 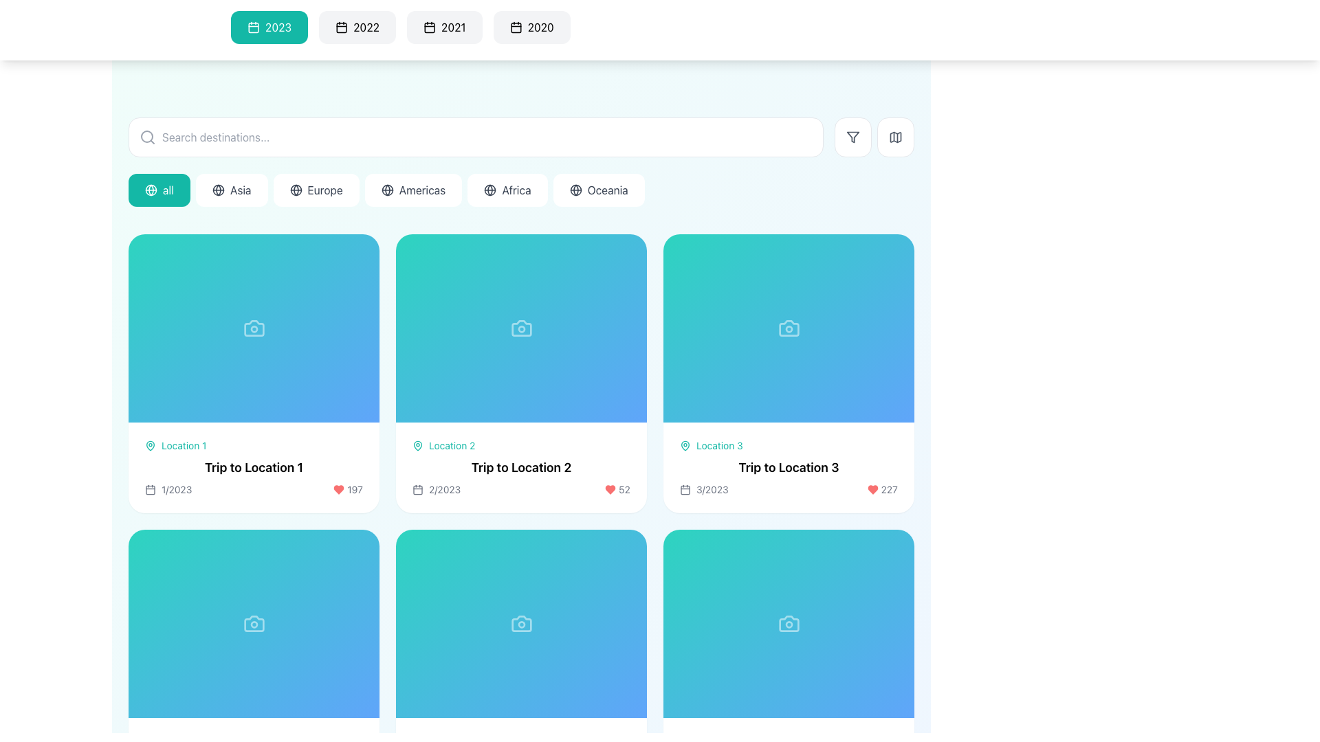 What do you see at coordinates (436, 488) in the screenshot?
I see `the date label with the calendar icon displaying '2/2023', which is located beneath the 'Trip to Location 2' title and to the left of a numeric statistic (52)` at bounding box center [436, 488].